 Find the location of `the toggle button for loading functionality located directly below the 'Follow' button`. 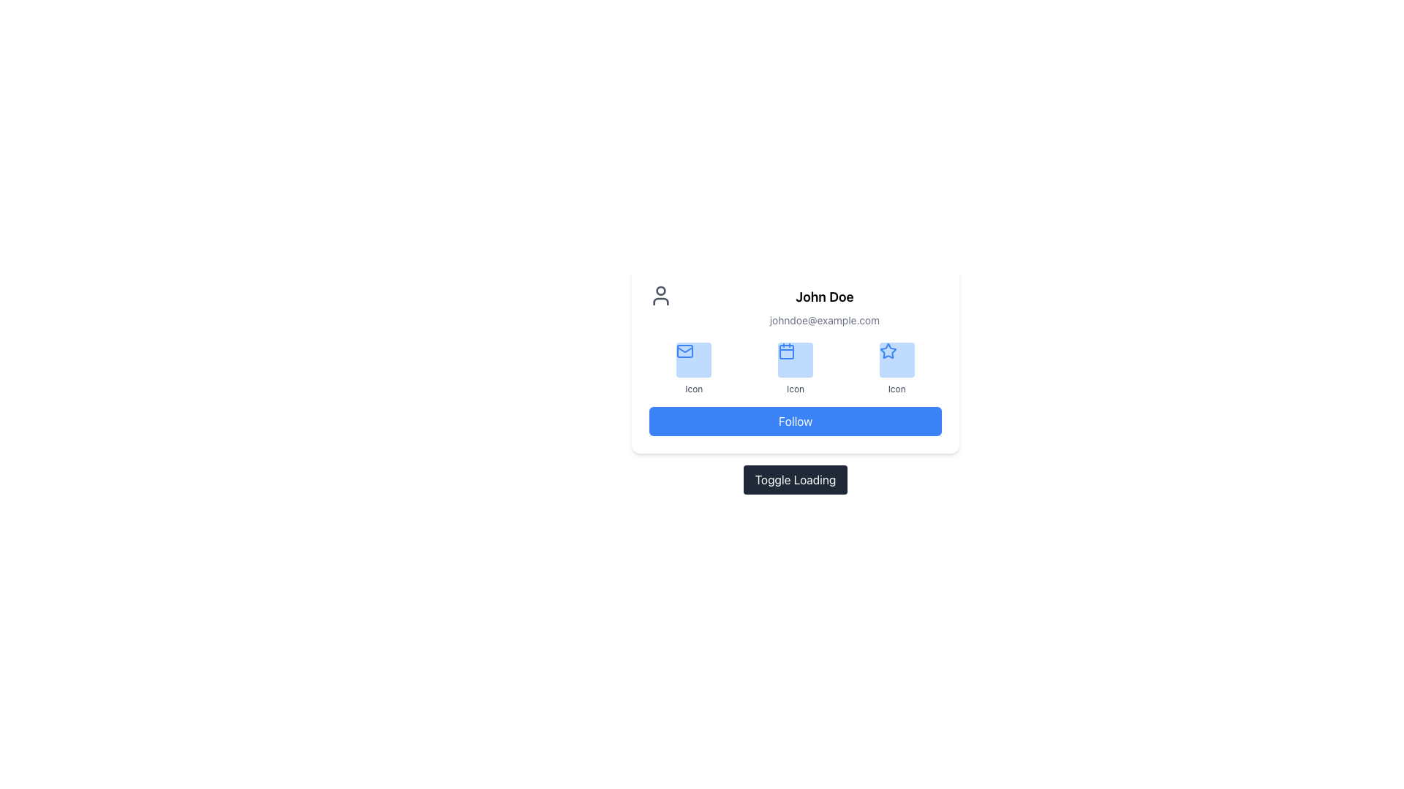

the toggle button for loading functionality located directly below the 'Follow' button is located at coordinates (795, 479).